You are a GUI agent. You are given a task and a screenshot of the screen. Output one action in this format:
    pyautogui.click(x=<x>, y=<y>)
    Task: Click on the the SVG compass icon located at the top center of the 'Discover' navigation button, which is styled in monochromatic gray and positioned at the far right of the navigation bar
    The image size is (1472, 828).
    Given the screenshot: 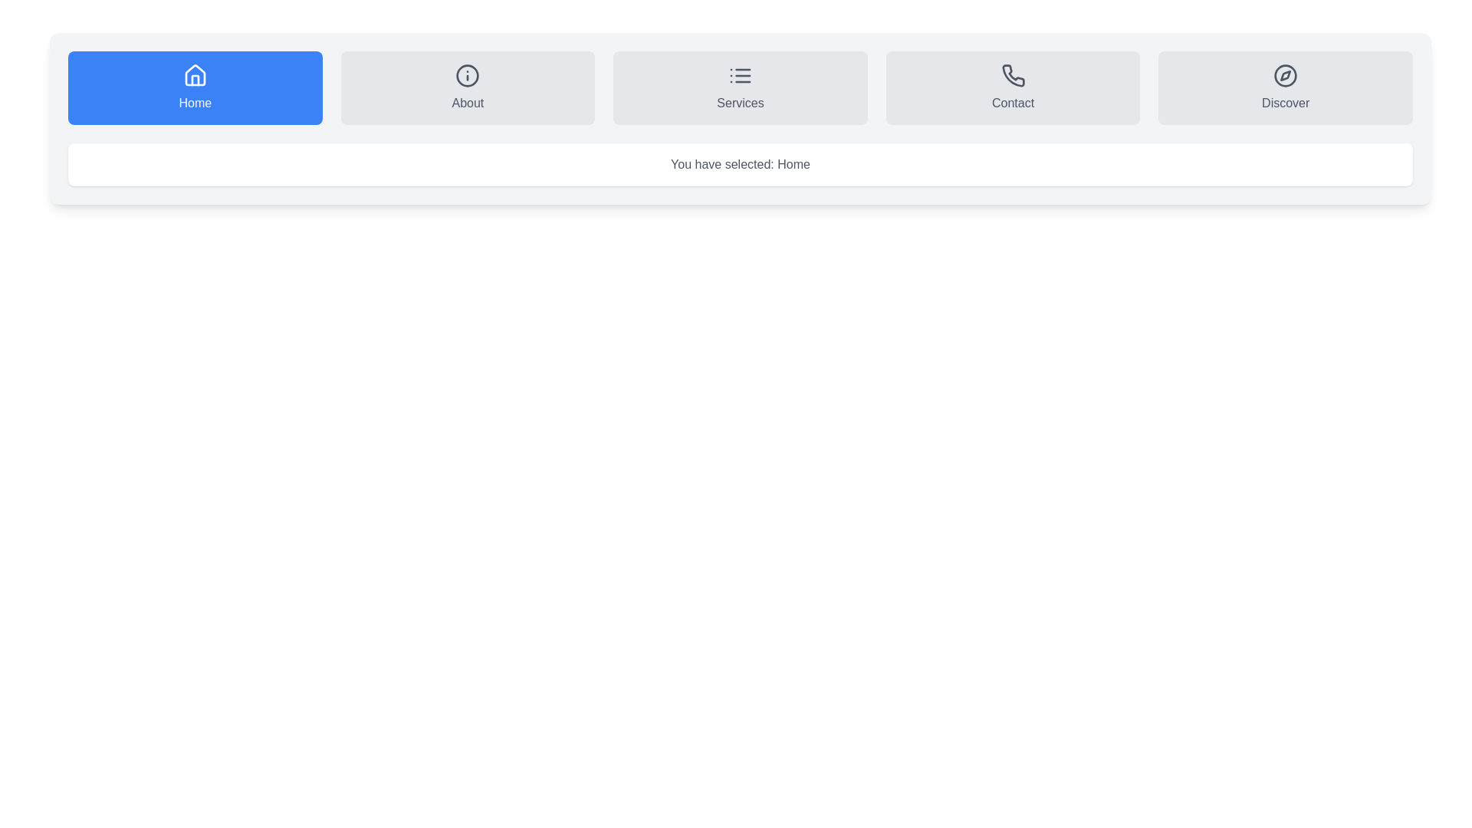 What is the action you would take?
    pyautogui.click(x=1286, y=76)
    